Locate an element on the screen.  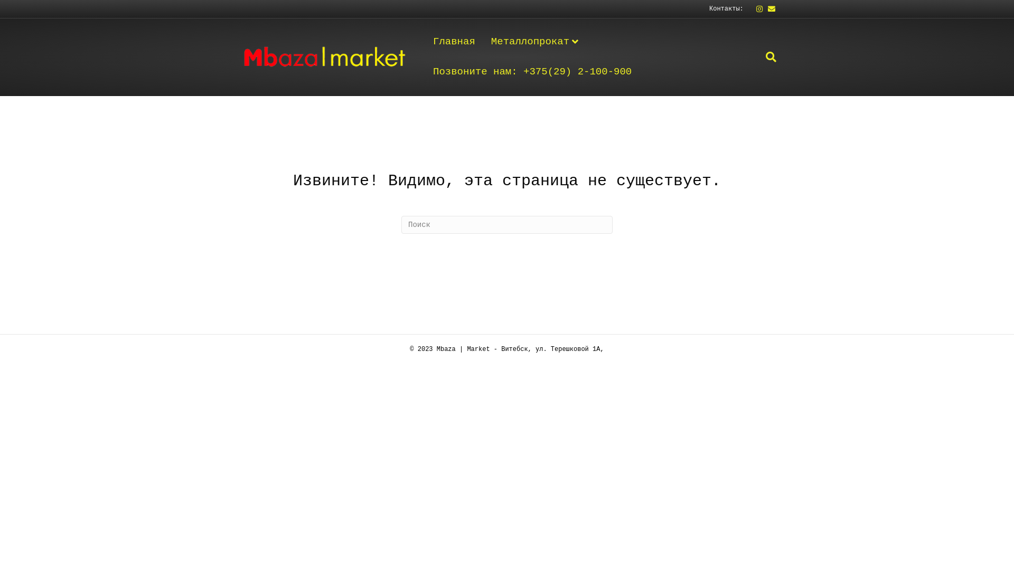
'Instagram' is located at coordinates (755, 8).